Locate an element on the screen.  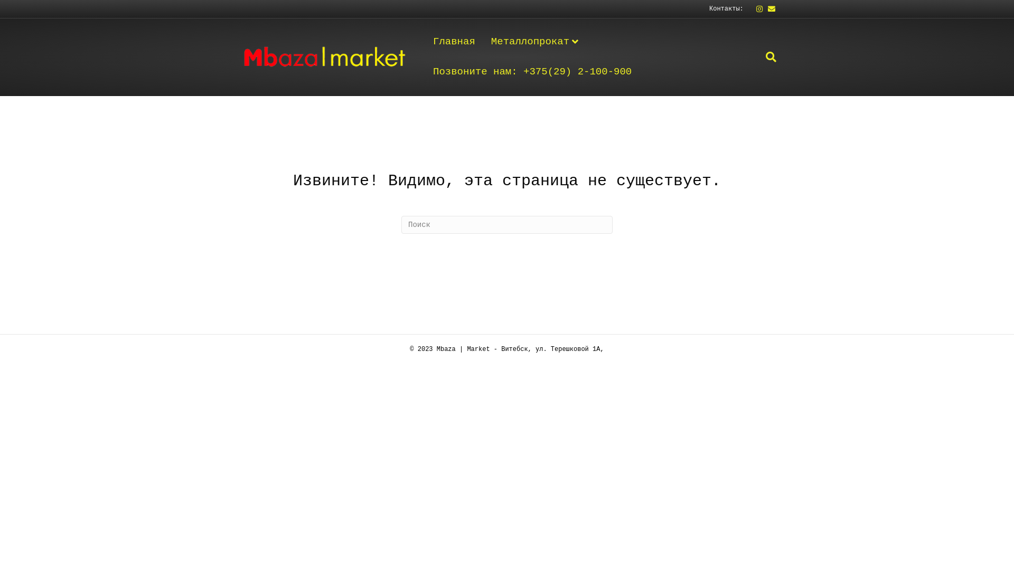
'Instagram' is located at coordinates (755, 8).